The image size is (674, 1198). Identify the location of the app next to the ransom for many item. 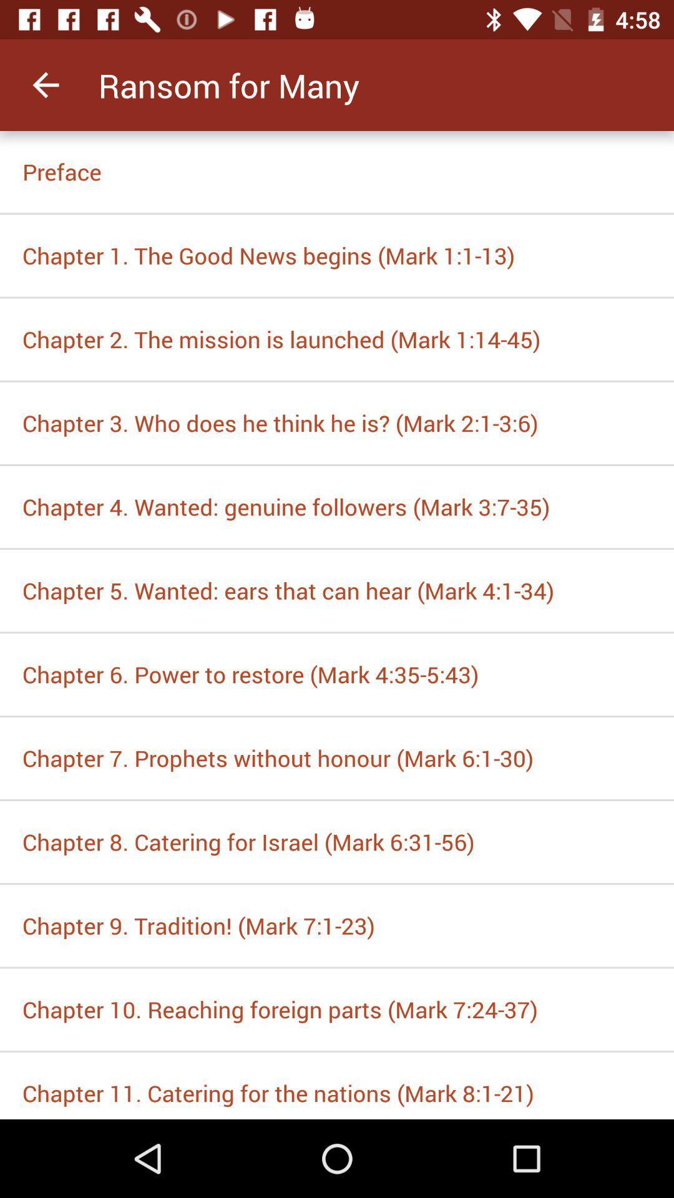
(45, 84).